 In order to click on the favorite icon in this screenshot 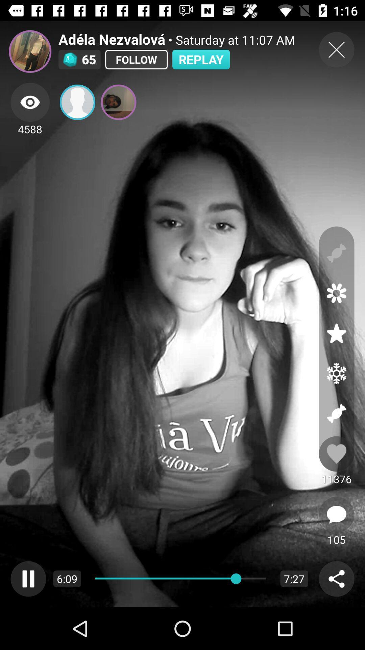, I will do `click(336, 454)`.